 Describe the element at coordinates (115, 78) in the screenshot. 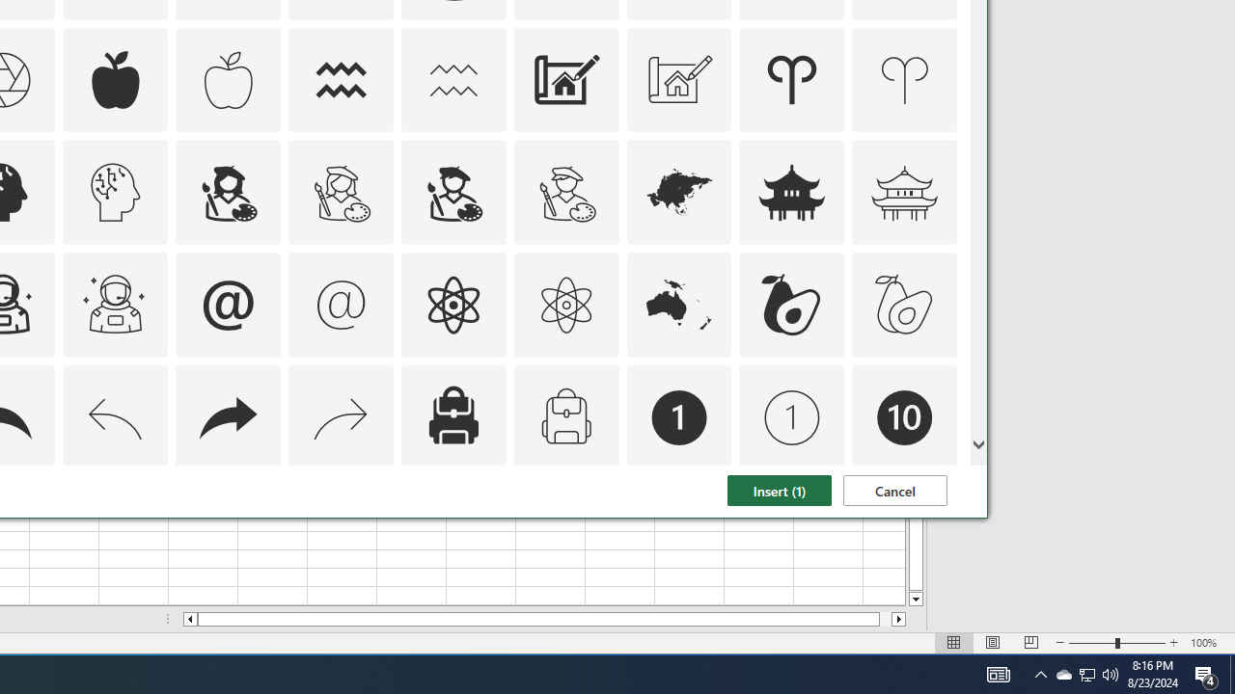

I see `'AutomationID: Icons_Apple'` at that location.